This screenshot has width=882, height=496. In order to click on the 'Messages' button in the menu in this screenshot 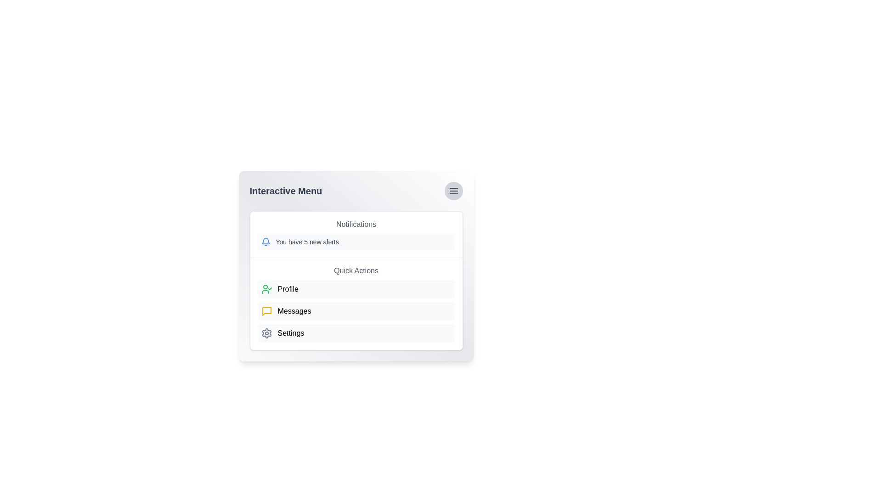, I will do `click(356, 311)`.